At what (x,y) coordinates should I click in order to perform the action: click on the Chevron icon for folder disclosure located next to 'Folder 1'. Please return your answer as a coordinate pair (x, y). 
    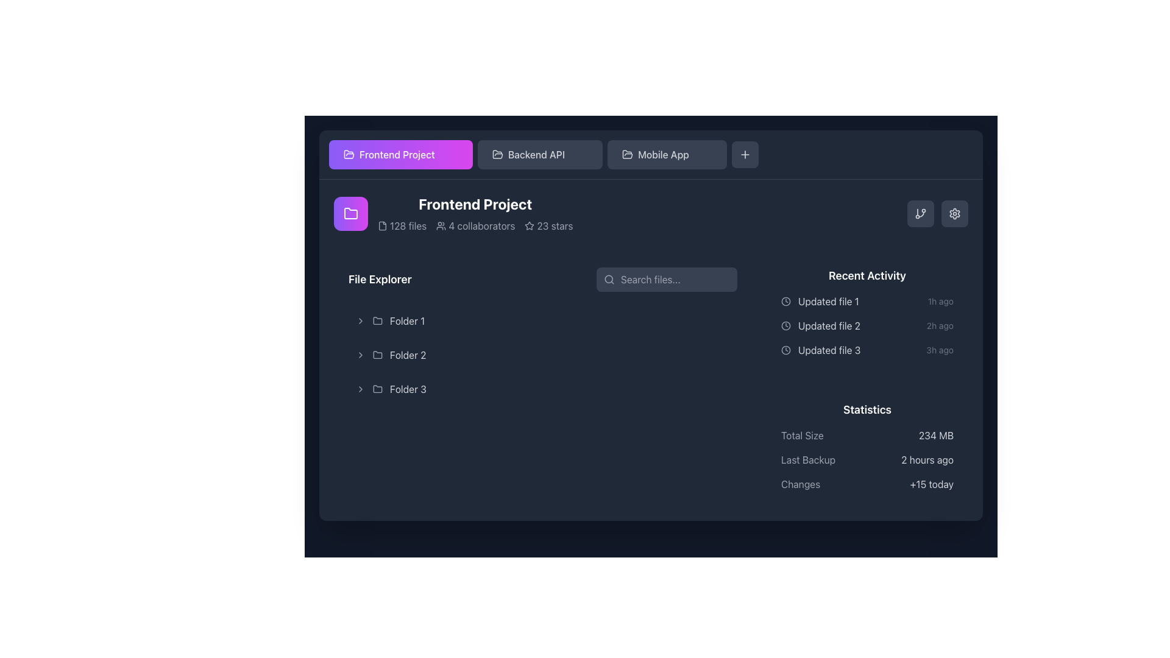
    Looking at the image, I should click on (360, 320).